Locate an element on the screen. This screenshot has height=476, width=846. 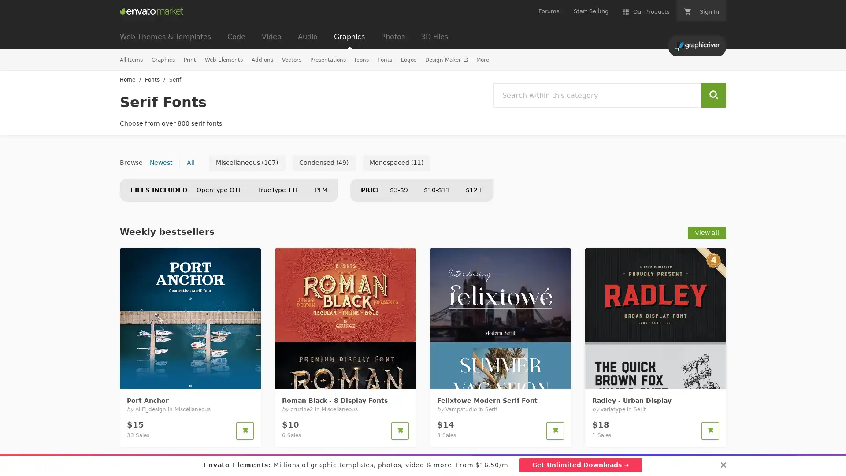
Add to Favorites is located at coordinates (715, 377).